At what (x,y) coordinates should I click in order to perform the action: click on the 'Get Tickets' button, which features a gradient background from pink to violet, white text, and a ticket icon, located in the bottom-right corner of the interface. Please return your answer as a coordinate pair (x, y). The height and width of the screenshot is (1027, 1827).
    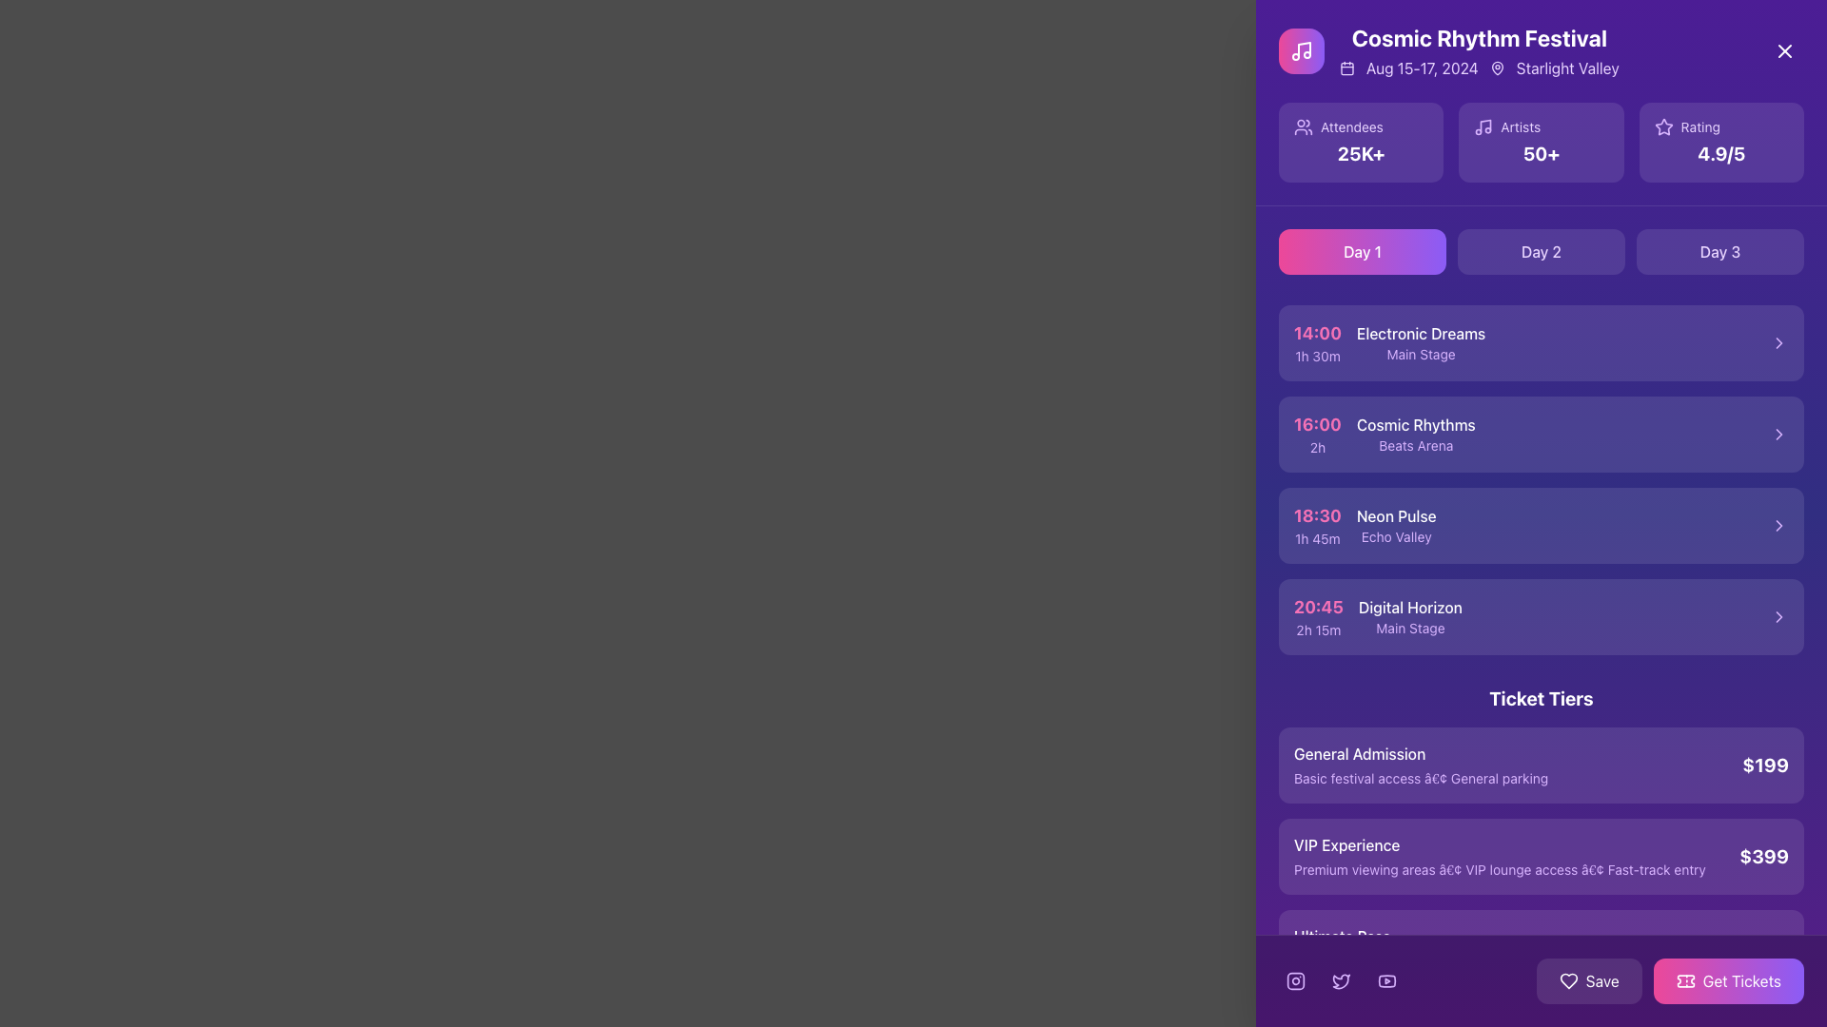
    Looking at the image, I should click on (1669, 981).